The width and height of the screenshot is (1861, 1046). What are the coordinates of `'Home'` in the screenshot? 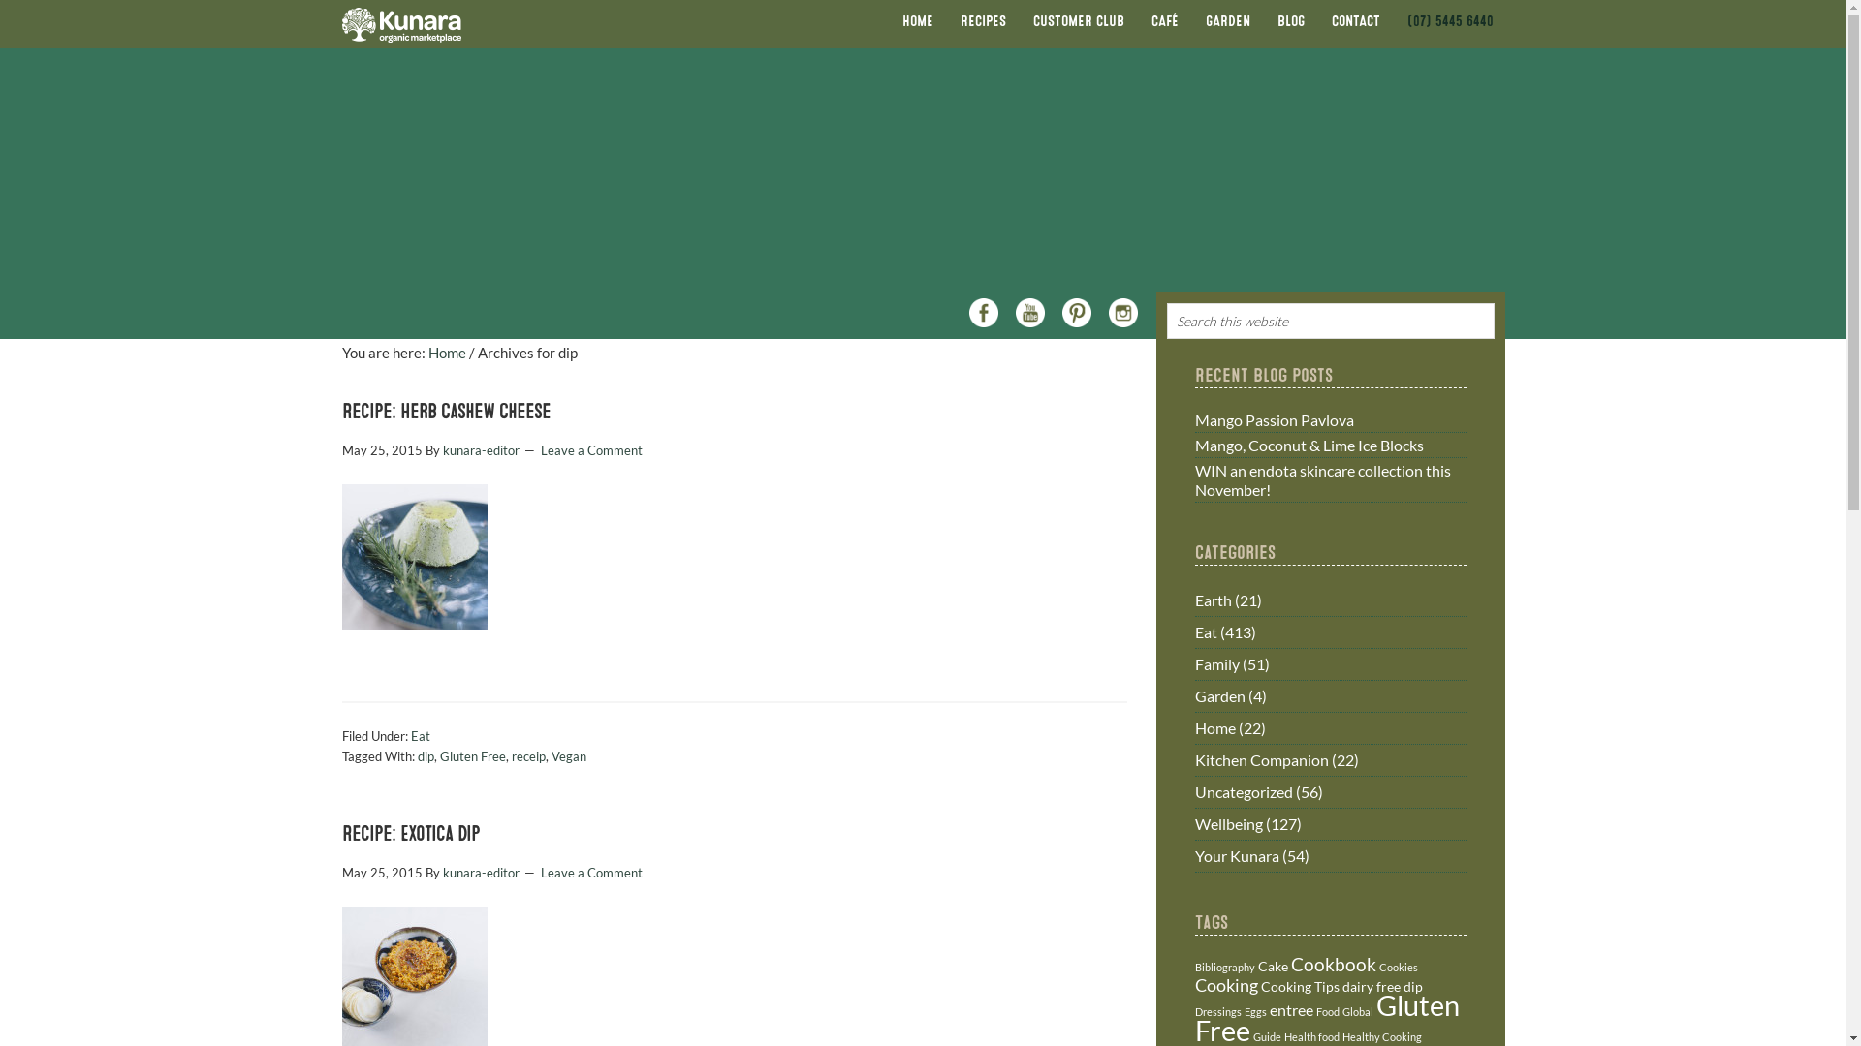 It's located at (446, 352).